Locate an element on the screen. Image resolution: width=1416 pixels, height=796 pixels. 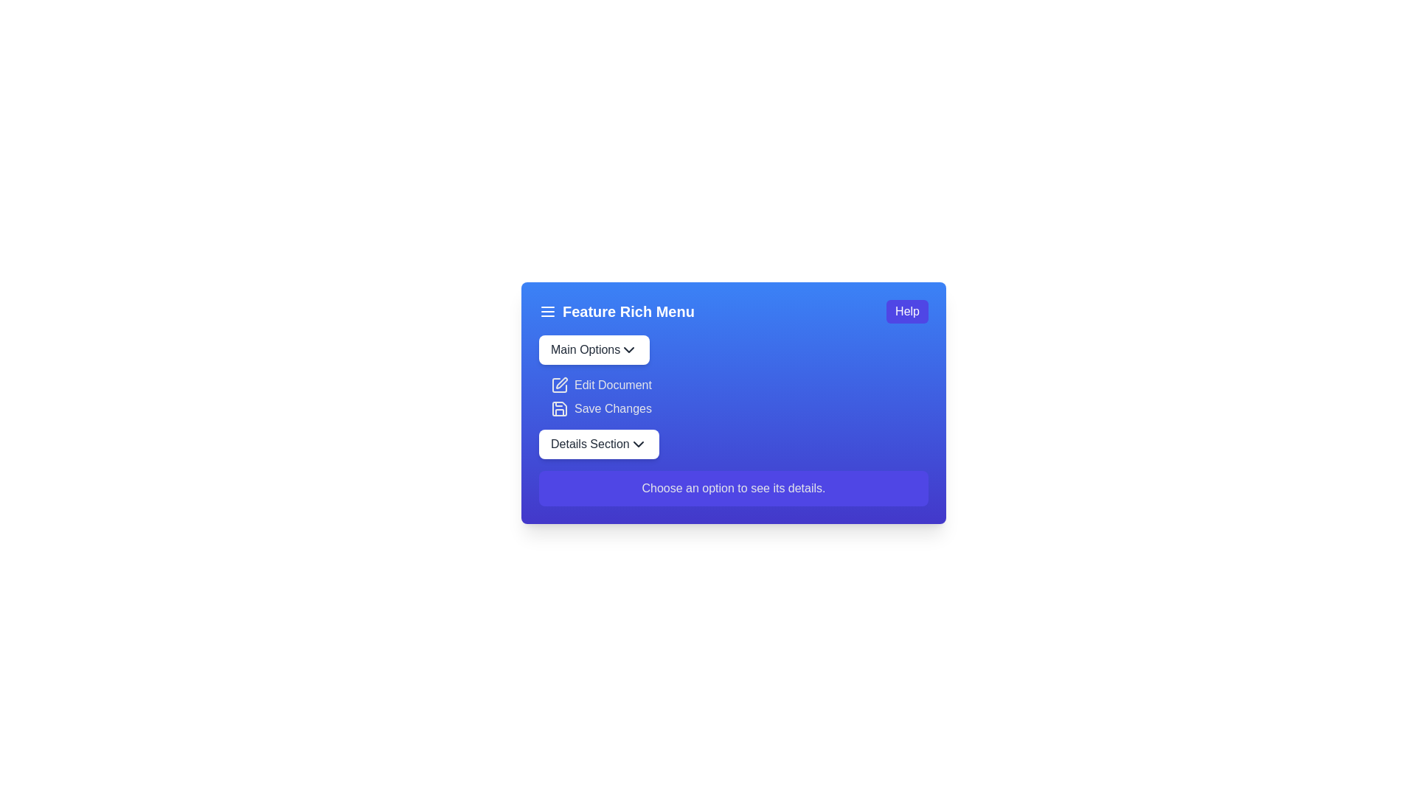
the 'Save Changes' icon located in the 'Feature Rich Menu' section, which is the second icon below the 'Edit Document' option is located at coordinates (558, 409).